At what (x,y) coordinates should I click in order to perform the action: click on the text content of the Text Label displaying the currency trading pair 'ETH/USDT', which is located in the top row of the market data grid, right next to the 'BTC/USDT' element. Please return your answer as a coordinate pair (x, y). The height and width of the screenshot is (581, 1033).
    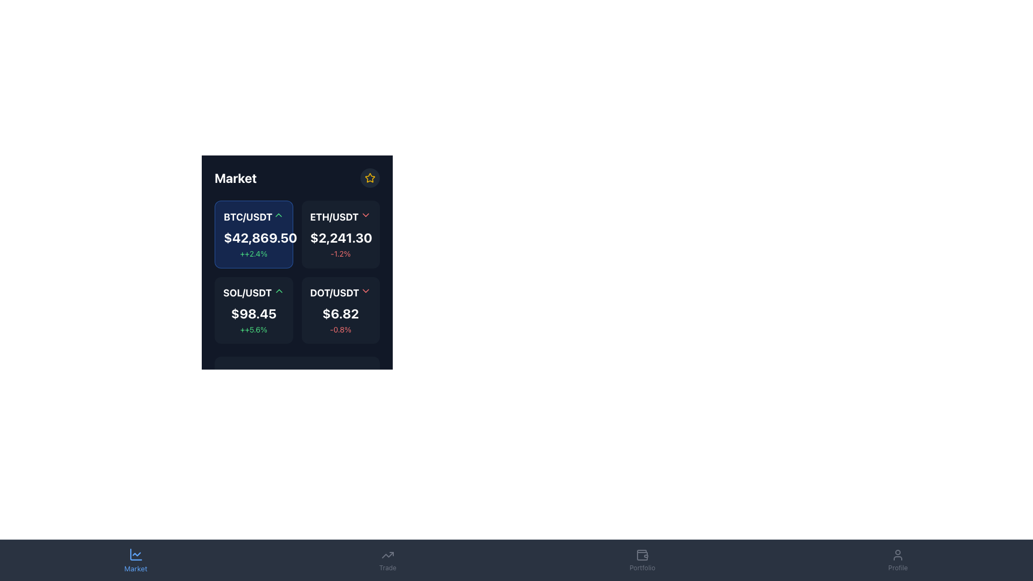
    Looking at the image, I should click on (334, 217).